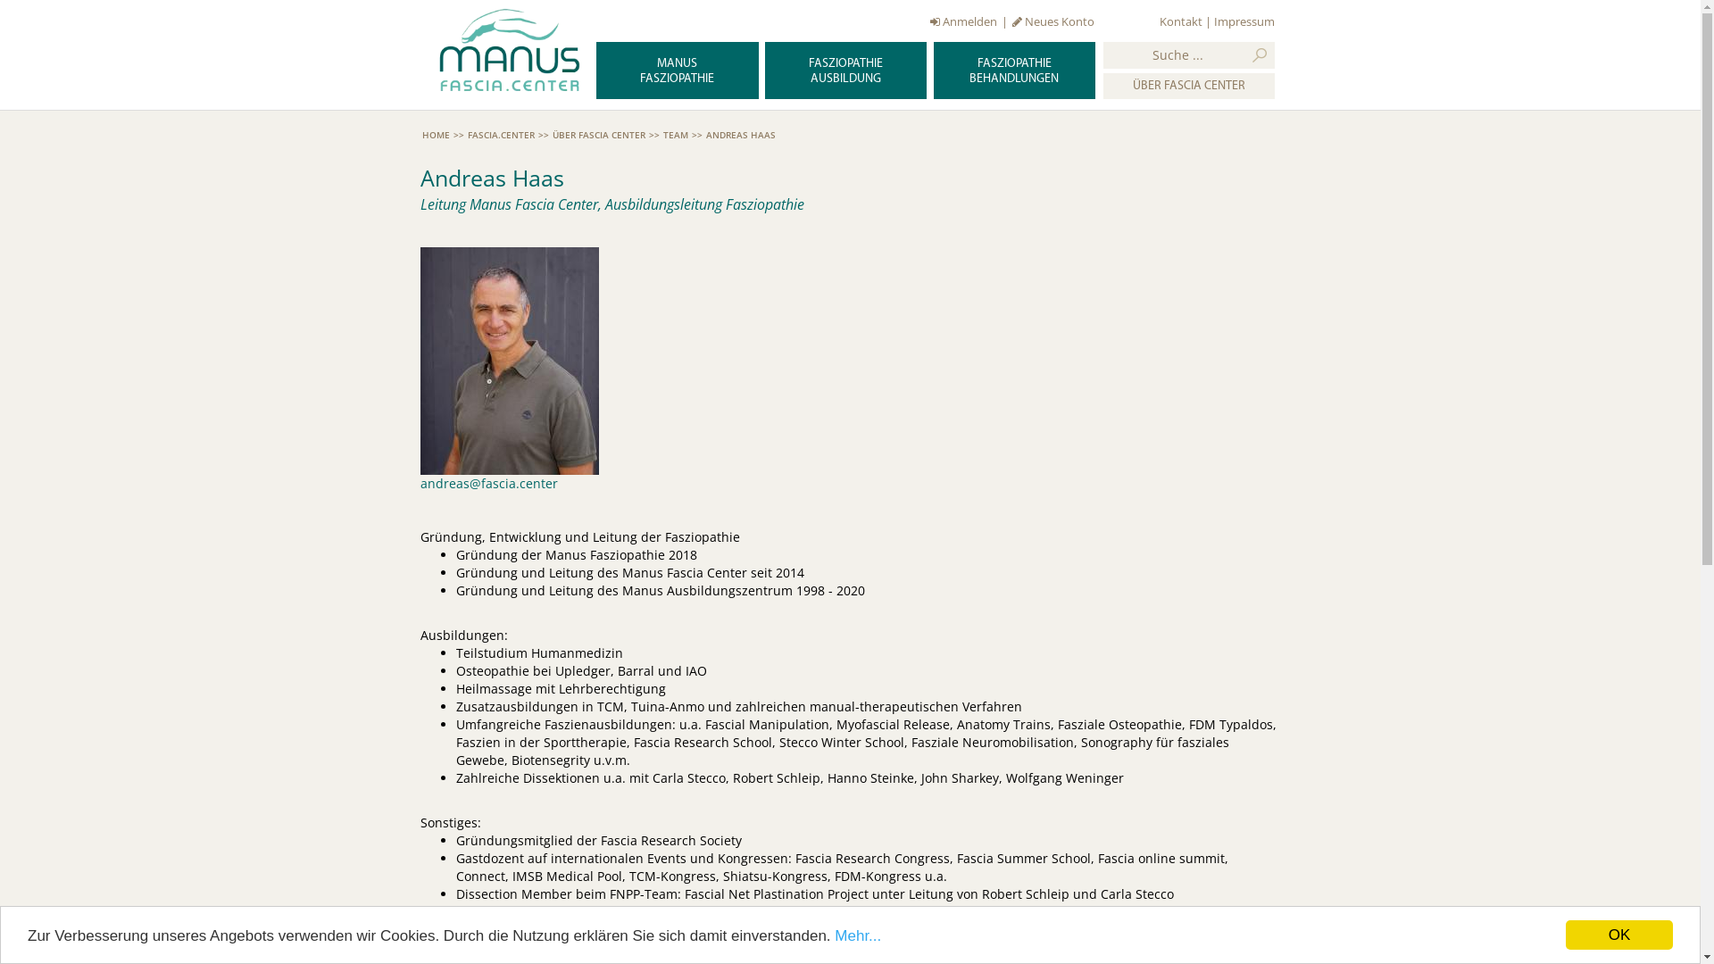  What do you see at coordinates (1564, 934) in the screenshot?
I see `'OK'` at bounding box center [1564, 934].